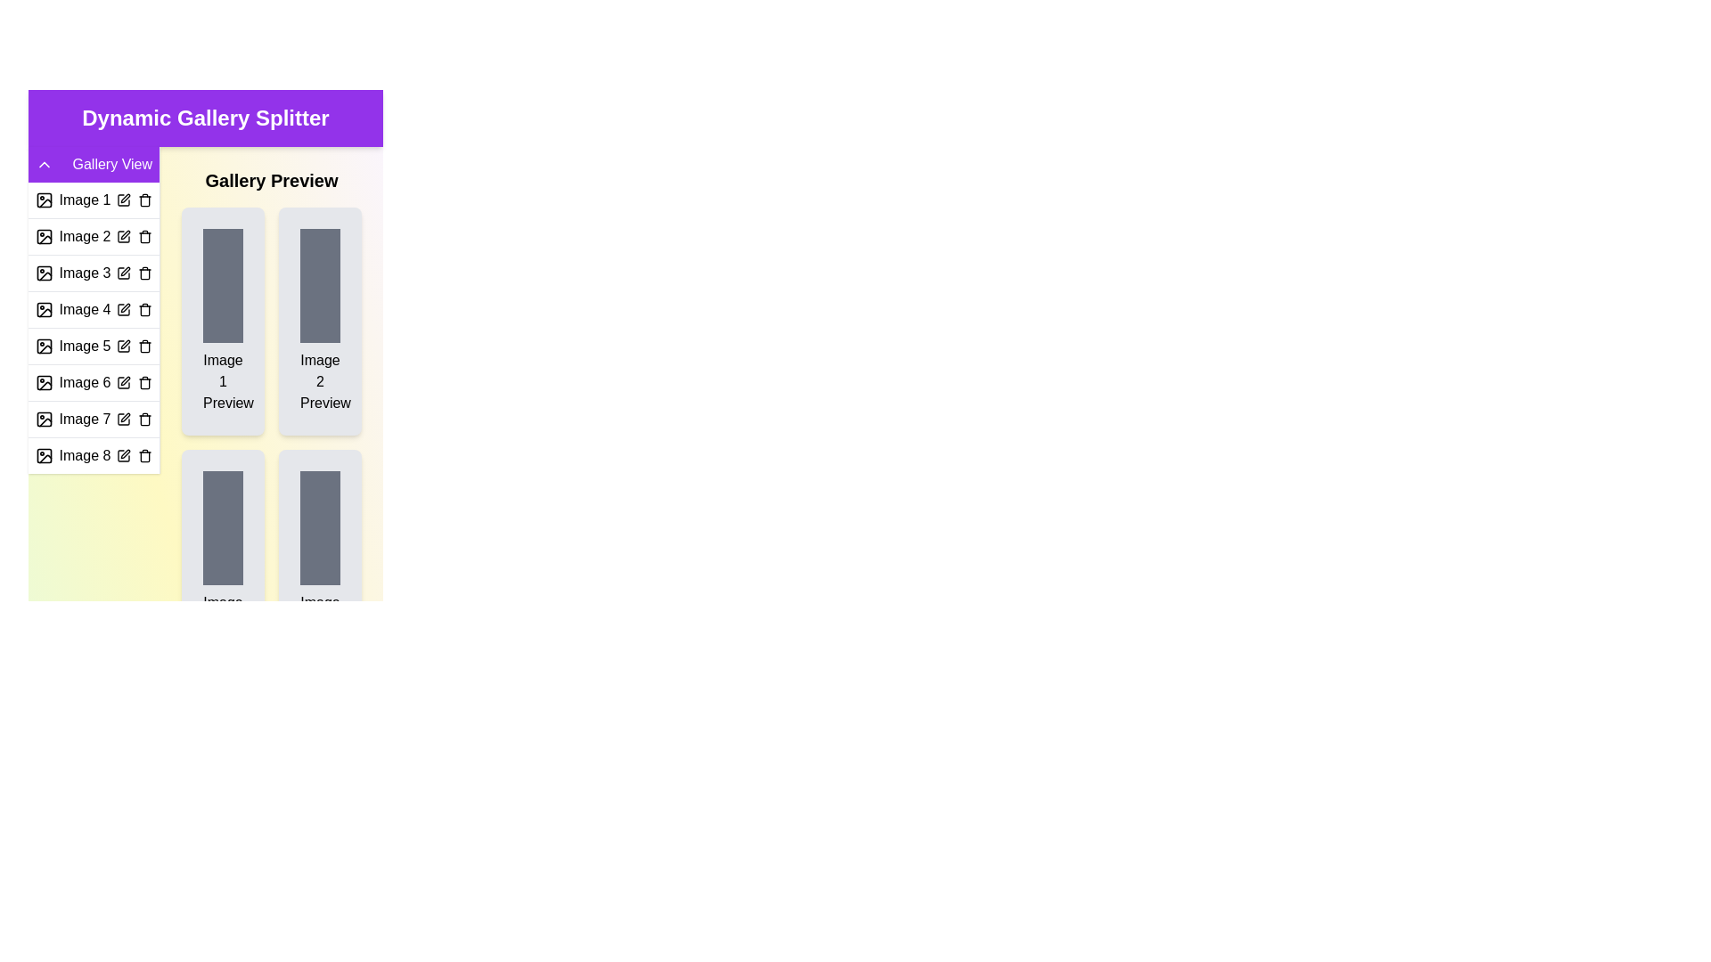 The height and width of the screenshot is (962, 1711). Describe the element at coordinates (84, 419) in the screenshot. I see `the label identifying the seventh image in the gallery` at that location.